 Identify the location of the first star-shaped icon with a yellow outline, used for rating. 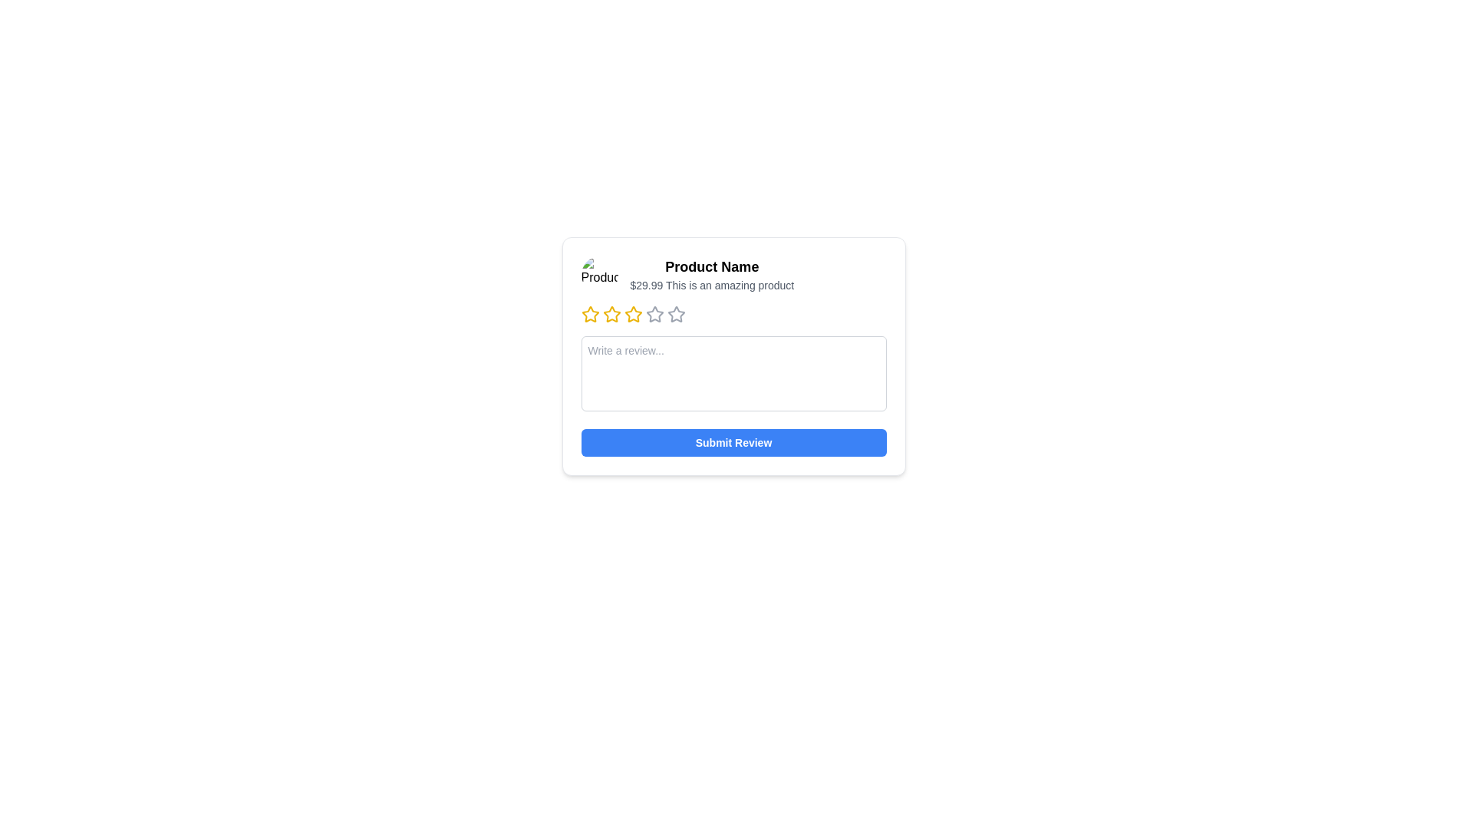
(589, 313).